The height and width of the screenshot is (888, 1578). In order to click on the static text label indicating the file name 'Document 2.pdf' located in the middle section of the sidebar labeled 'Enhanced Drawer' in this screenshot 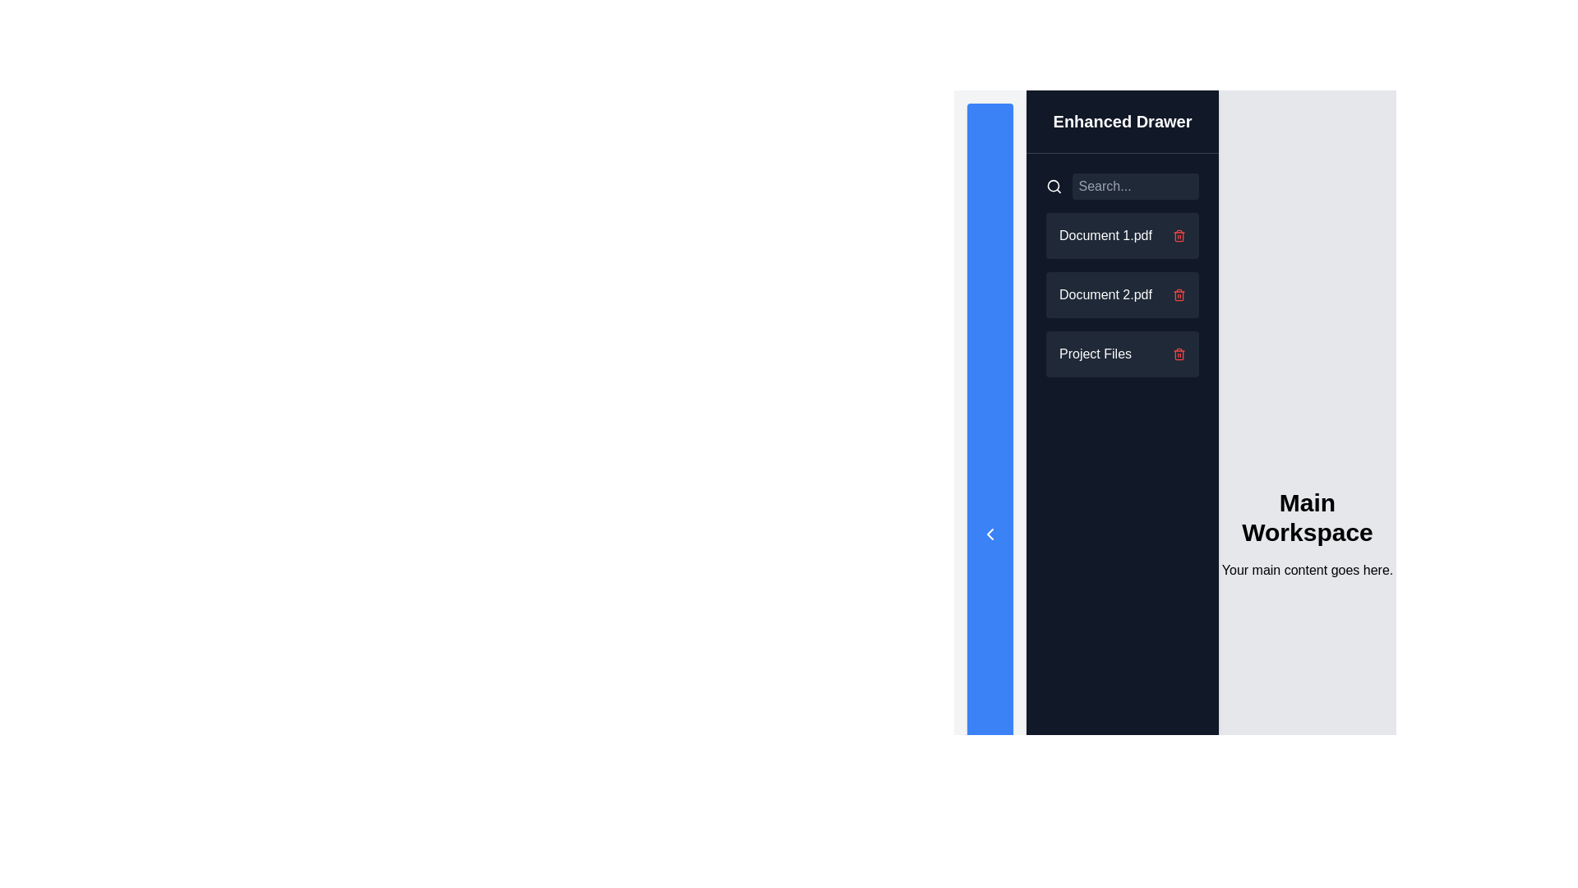, I will do `click(1105, 294)`.